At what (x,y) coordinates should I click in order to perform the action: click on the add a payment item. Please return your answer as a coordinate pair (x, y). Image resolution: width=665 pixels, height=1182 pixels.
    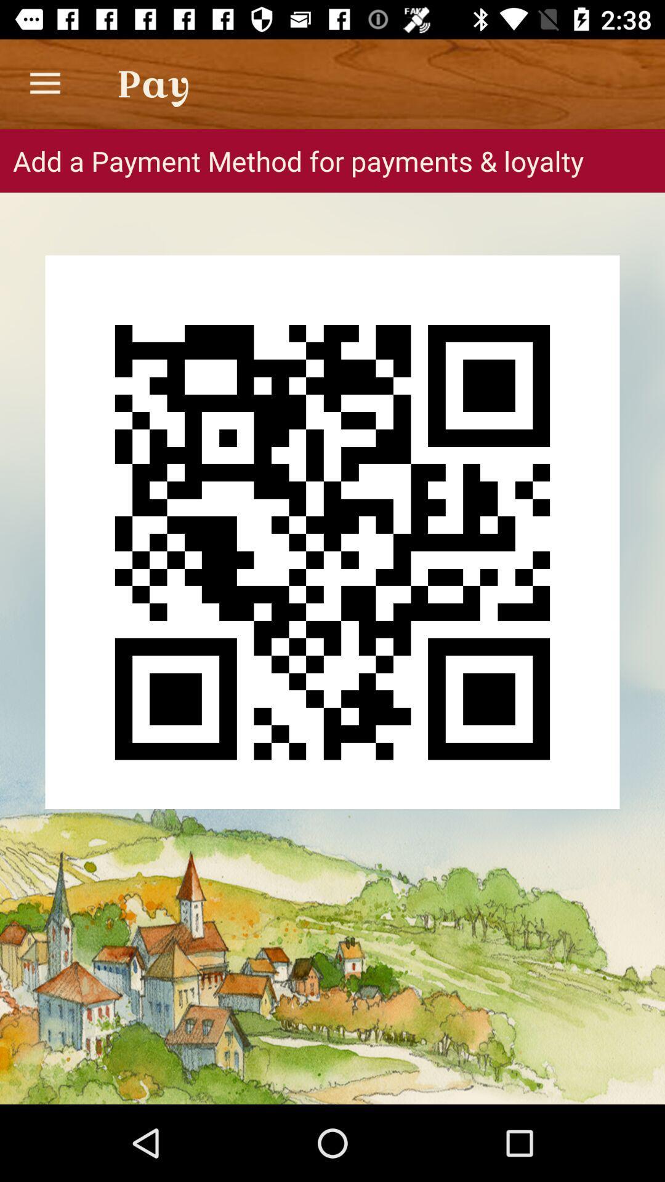
    Looking at the image, I should click on (332, 160).